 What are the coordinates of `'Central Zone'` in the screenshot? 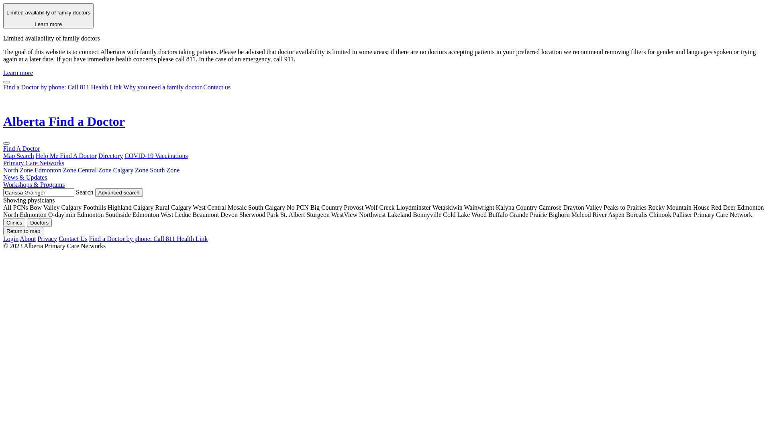 It's located at (94, 170).